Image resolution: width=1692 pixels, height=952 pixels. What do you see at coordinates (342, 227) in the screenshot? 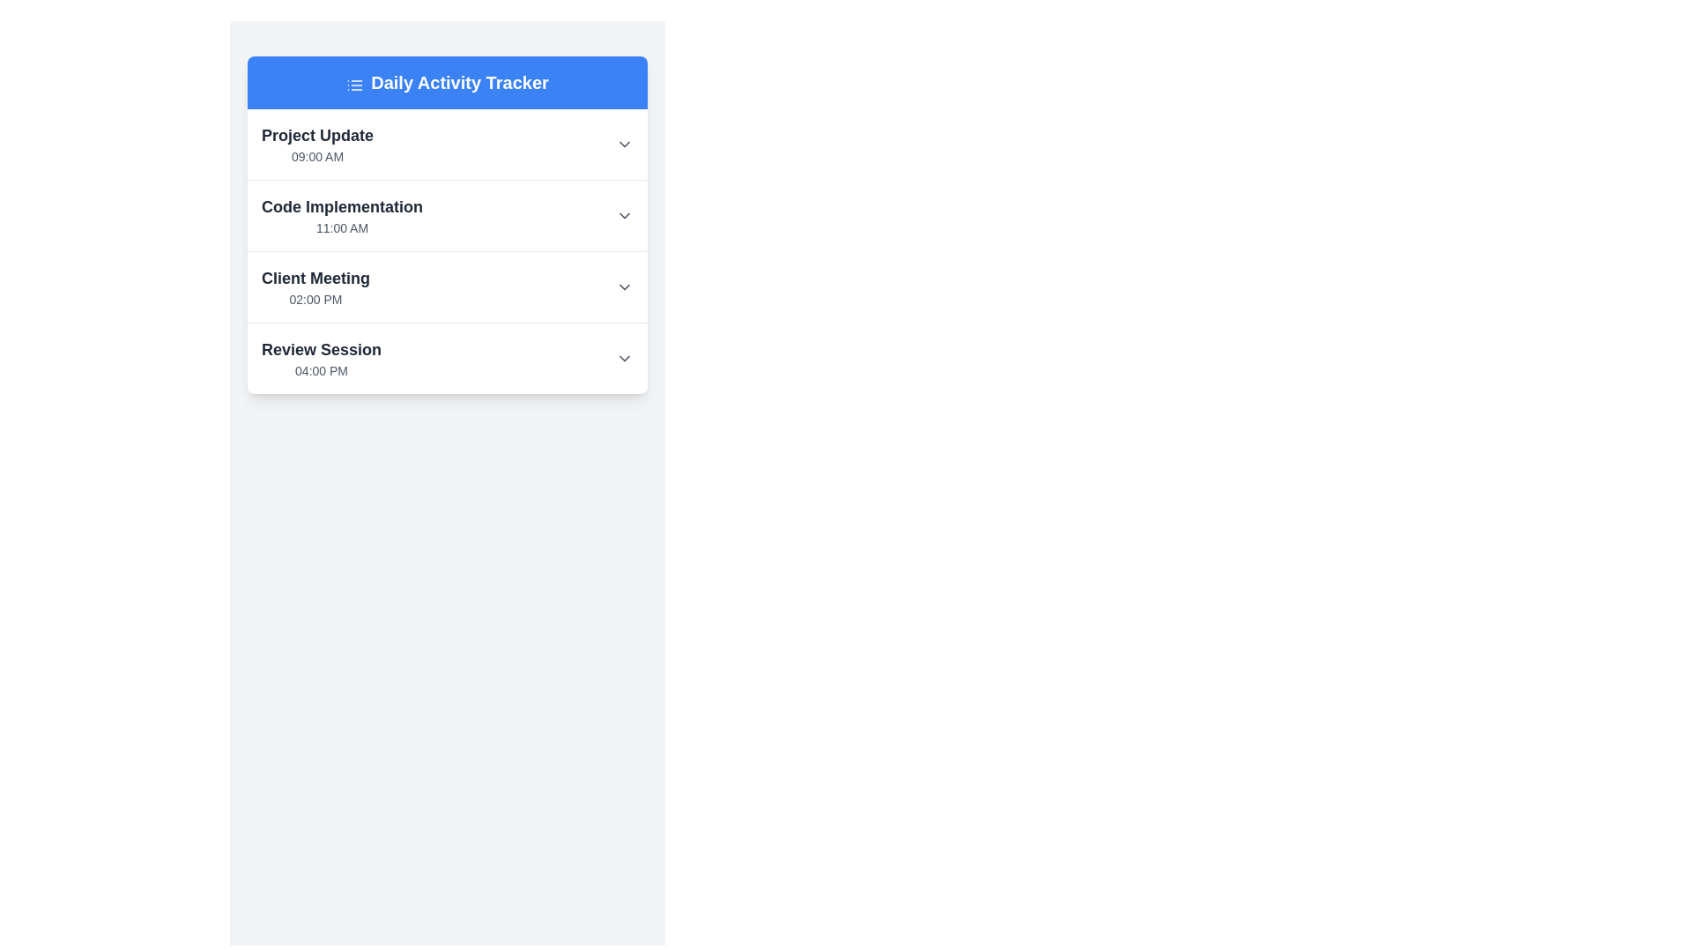
I see `the text label displaying '11:00 AM' which is a small, gray-colored text located below the 'Code Implementation' text in the task list` at bounding box center [342, 227].